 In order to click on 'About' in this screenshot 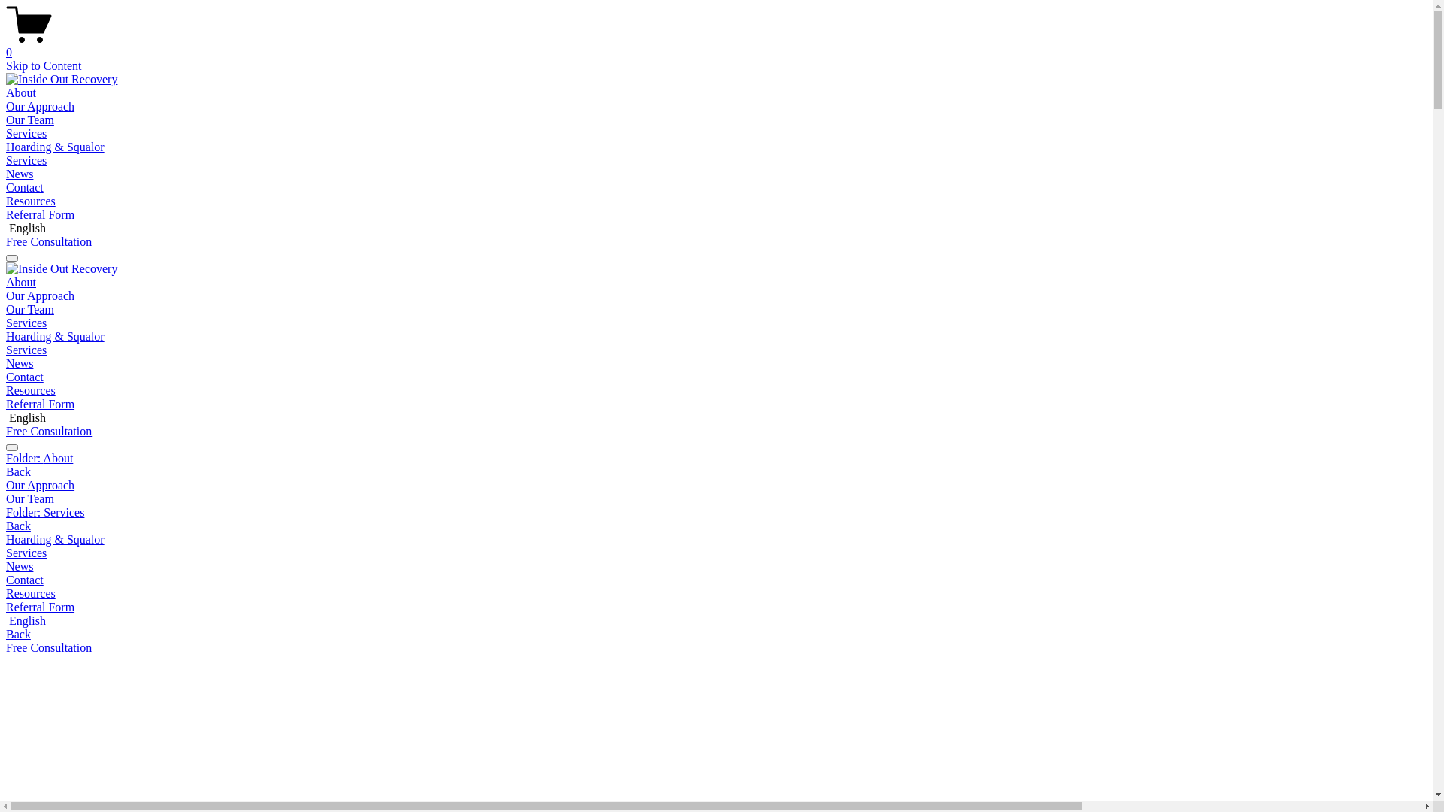, I will do `click(21, 282)`.